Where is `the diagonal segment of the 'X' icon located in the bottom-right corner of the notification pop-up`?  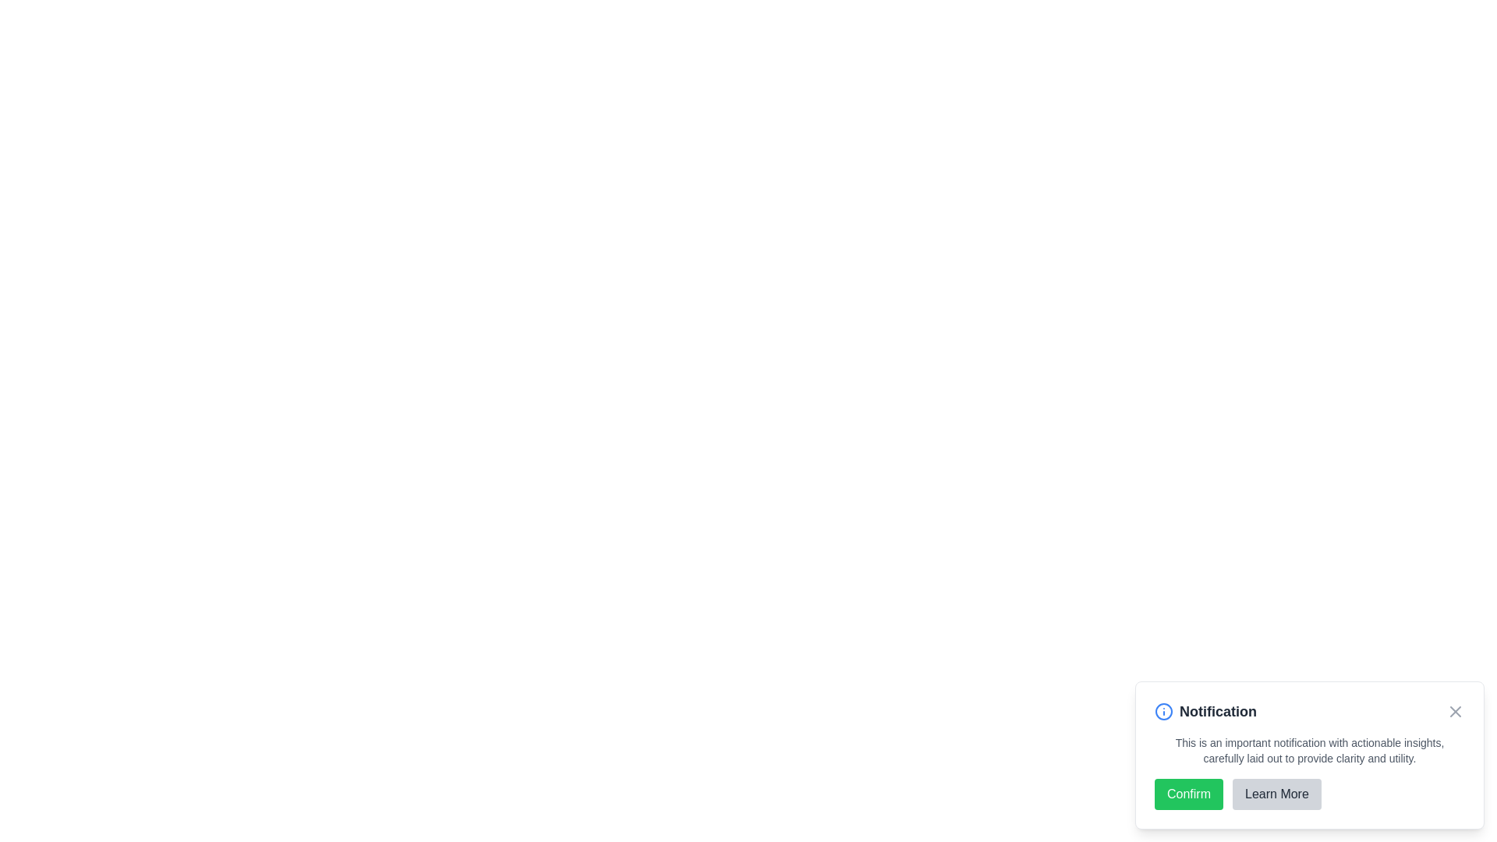
the diagonal segment of the 'X' icon located in the bottom-right corner of the notification pop-up is located at coordinates (1455, 712).